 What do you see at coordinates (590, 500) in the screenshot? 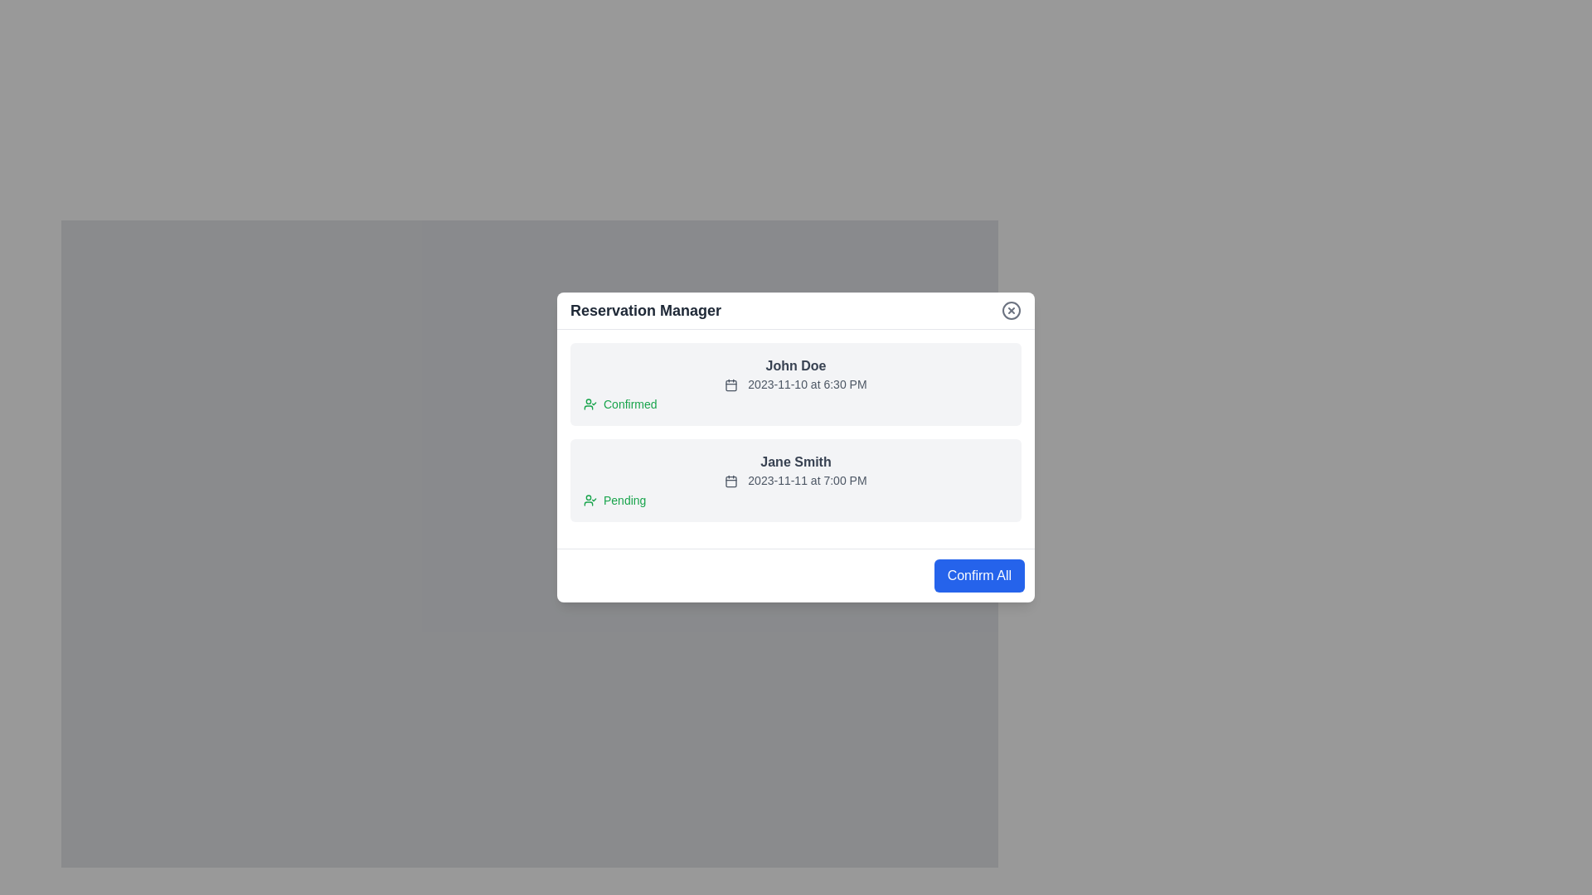
I see `user check icon located in the 'Pending' status group under 'Jane Smith' in the reservation list, positioned in the second row` at bounding box center [590, 500].